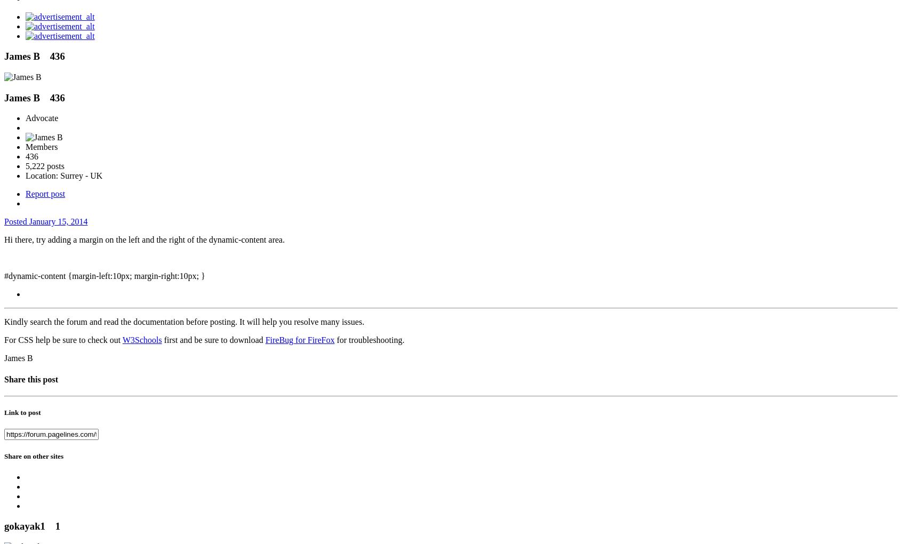 The height and width of the screenshot is (544, 902). What do you see at coordinates (103, 275) in the screenshot?
I see `'#dynamic-content {margin-left:10px; margin-right:10px; }'` at bounding box center [103, 275].